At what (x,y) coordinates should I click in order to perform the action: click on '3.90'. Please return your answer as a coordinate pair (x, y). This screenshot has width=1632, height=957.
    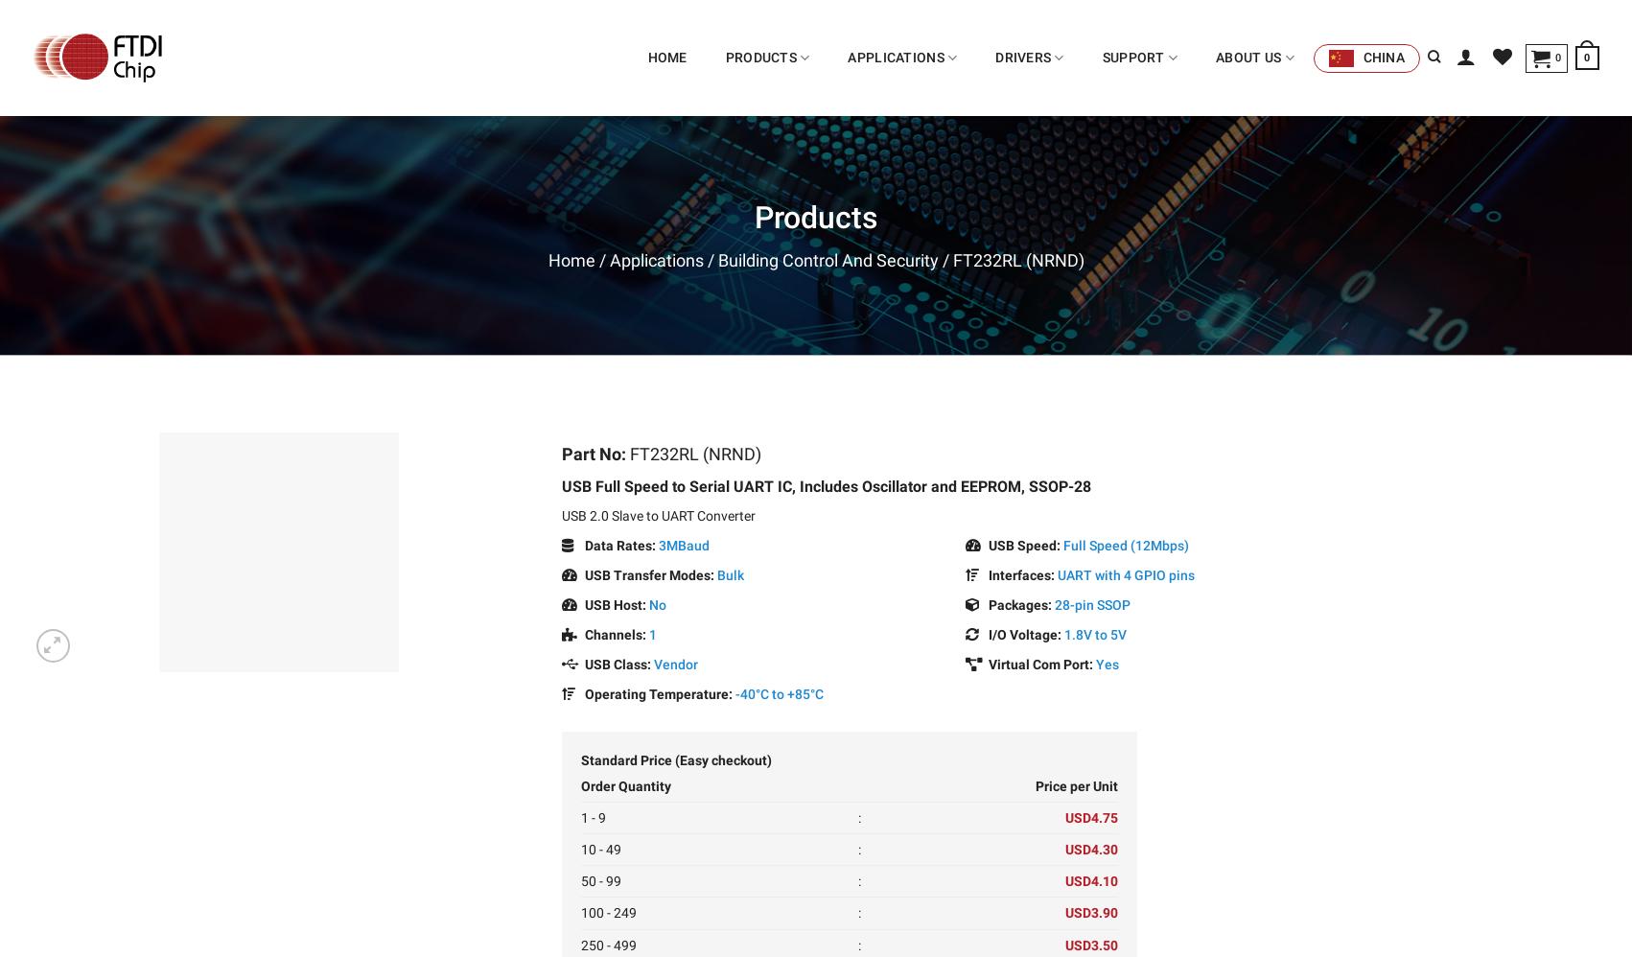
    Looking at the image, I should click on (1104, 911).